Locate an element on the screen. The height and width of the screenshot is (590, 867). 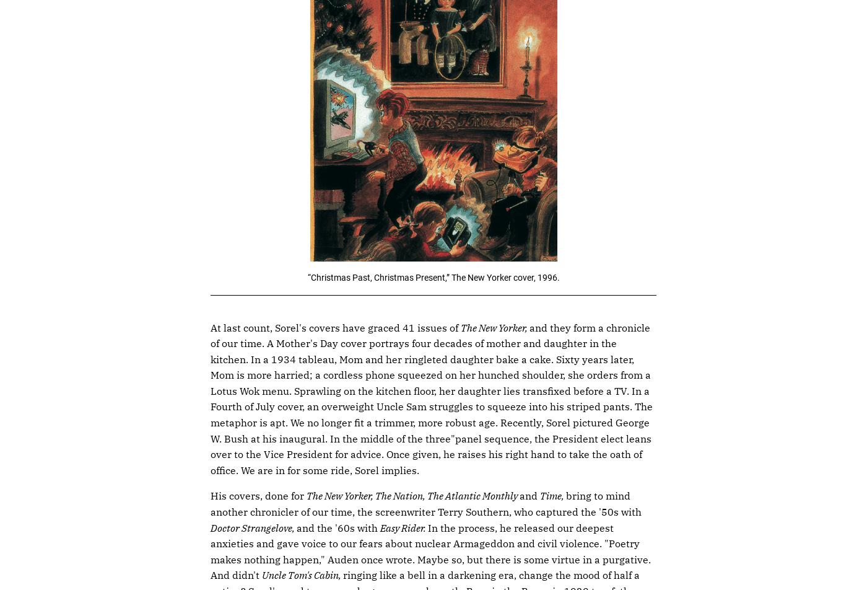
'Time,' is located at coordinates (553, 495).